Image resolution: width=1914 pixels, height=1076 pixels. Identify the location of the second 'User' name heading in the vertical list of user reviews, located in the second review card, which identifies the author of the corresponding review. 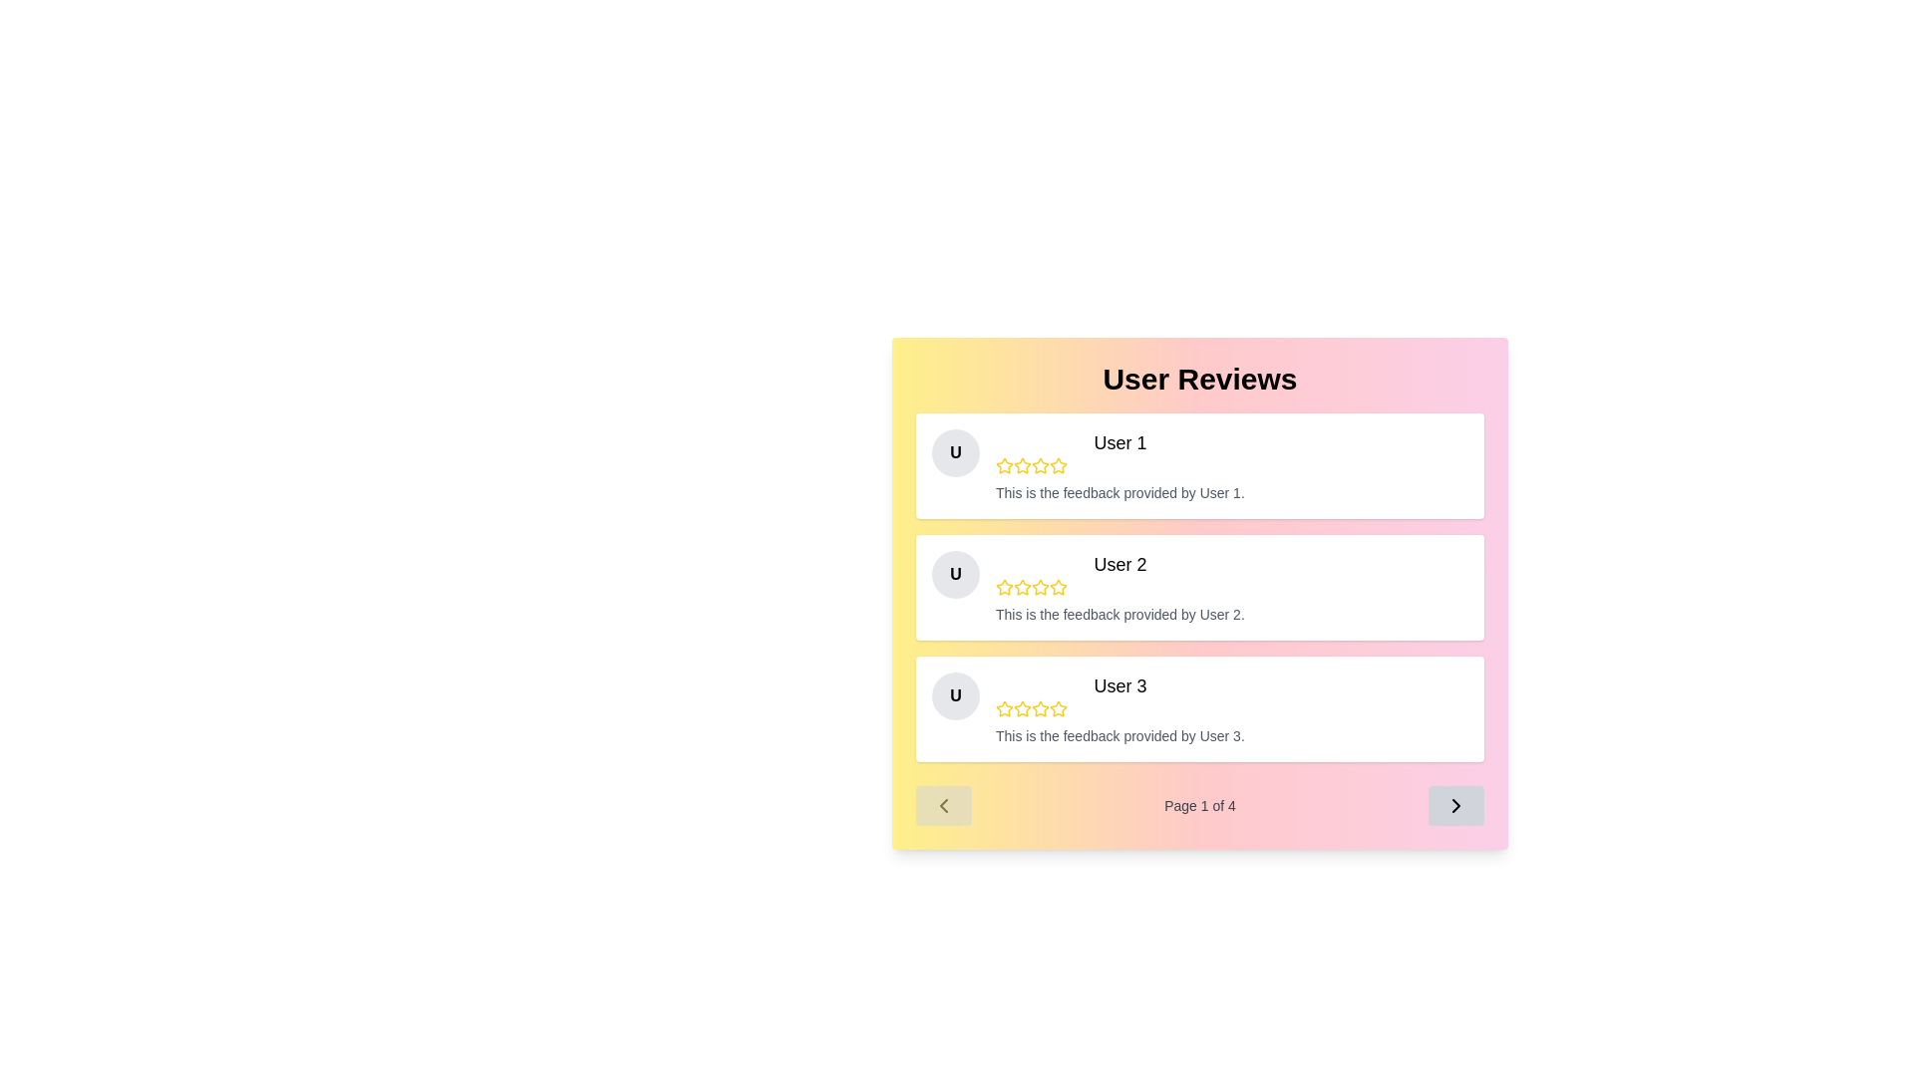
(1119, 565).